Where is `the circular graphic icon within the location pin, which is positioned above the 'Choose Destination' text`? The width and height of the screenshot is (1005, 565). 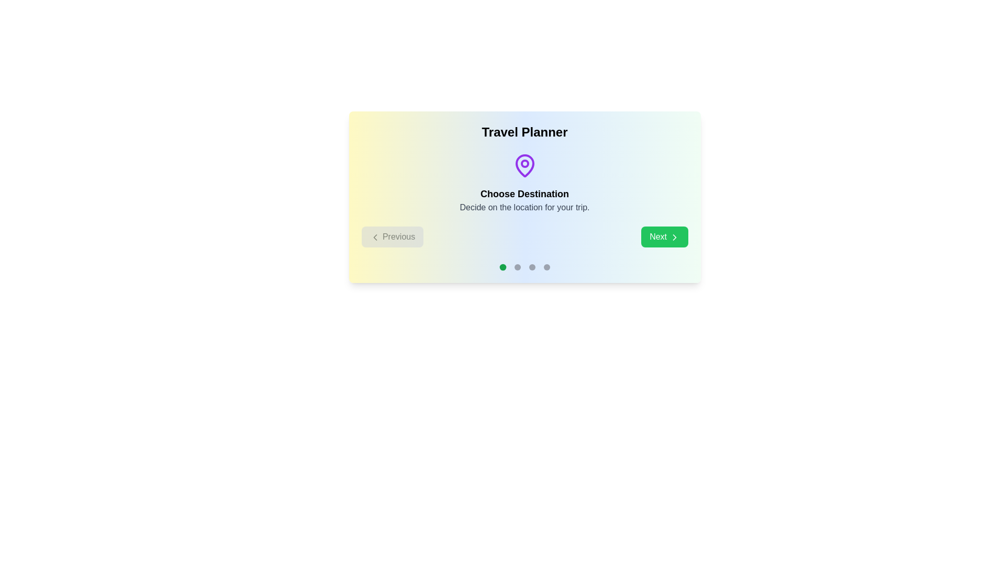
the circular graphic icon within the location pin, which is positioned above the 'Choose Destination' text is located at coordinates (524, 163).